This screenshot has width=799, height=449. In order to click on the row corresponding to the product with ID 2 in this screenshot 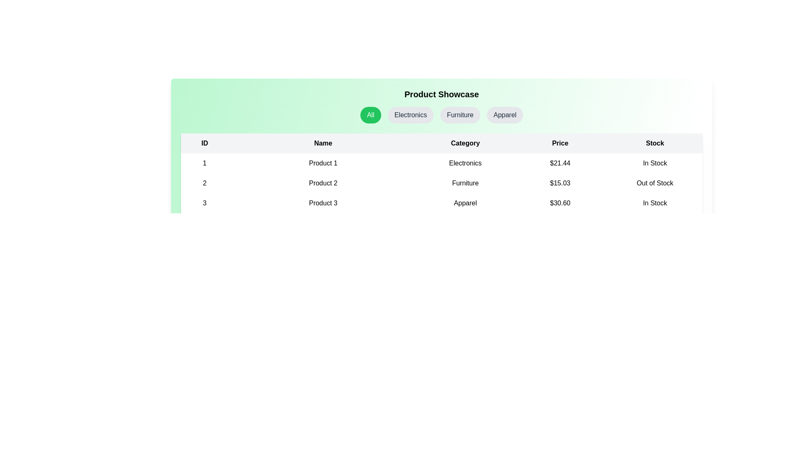, I will do `click(441, 183)`.